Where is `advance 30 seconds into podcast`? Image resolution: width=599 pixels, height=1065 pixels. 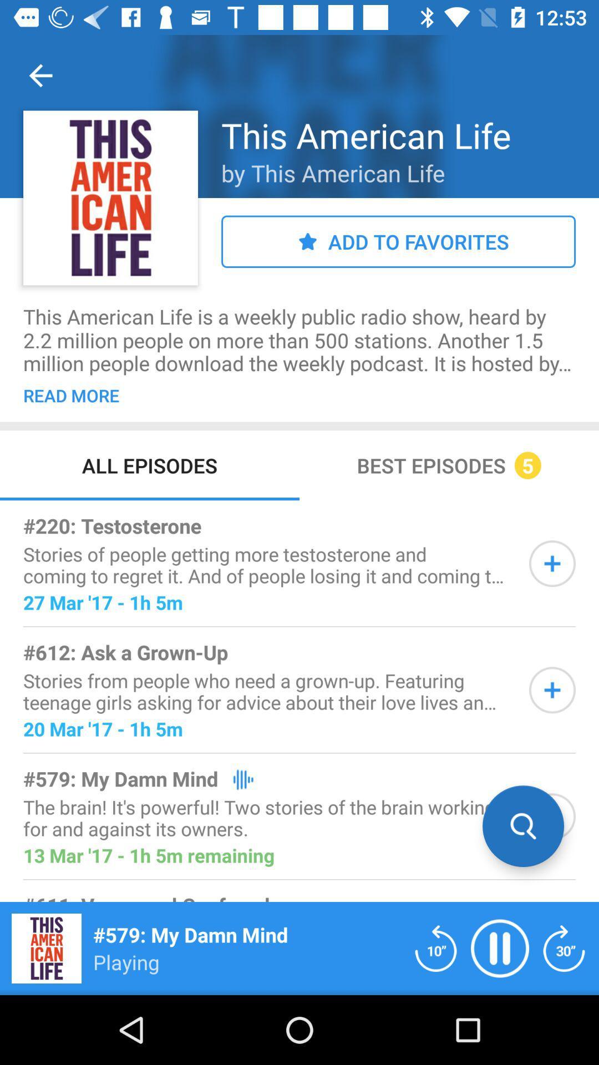
advance 30 seconds into podcast is located at coordinates (564, 947).